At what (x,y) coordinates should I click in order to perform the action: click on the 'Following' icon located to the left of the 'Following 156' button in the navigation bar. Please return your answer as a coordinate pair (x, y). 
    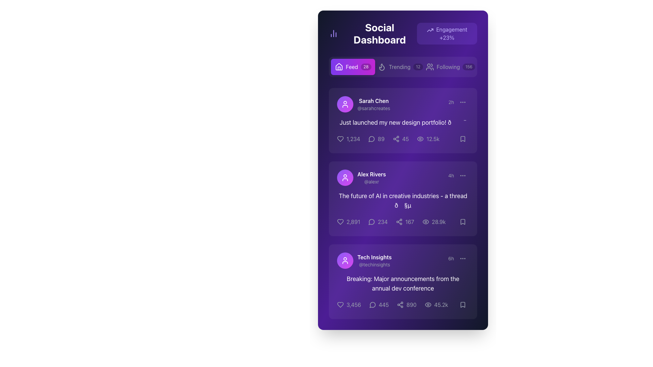
    Looking at the image, I should click on (429, 67).